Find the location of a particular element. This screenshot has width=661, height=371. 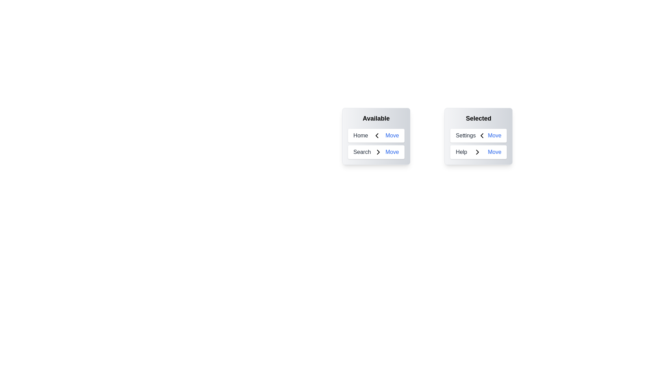

'Move' button next to the item 'Home' in the 'Available' list to transfer it is located at coordinates (392, 135).